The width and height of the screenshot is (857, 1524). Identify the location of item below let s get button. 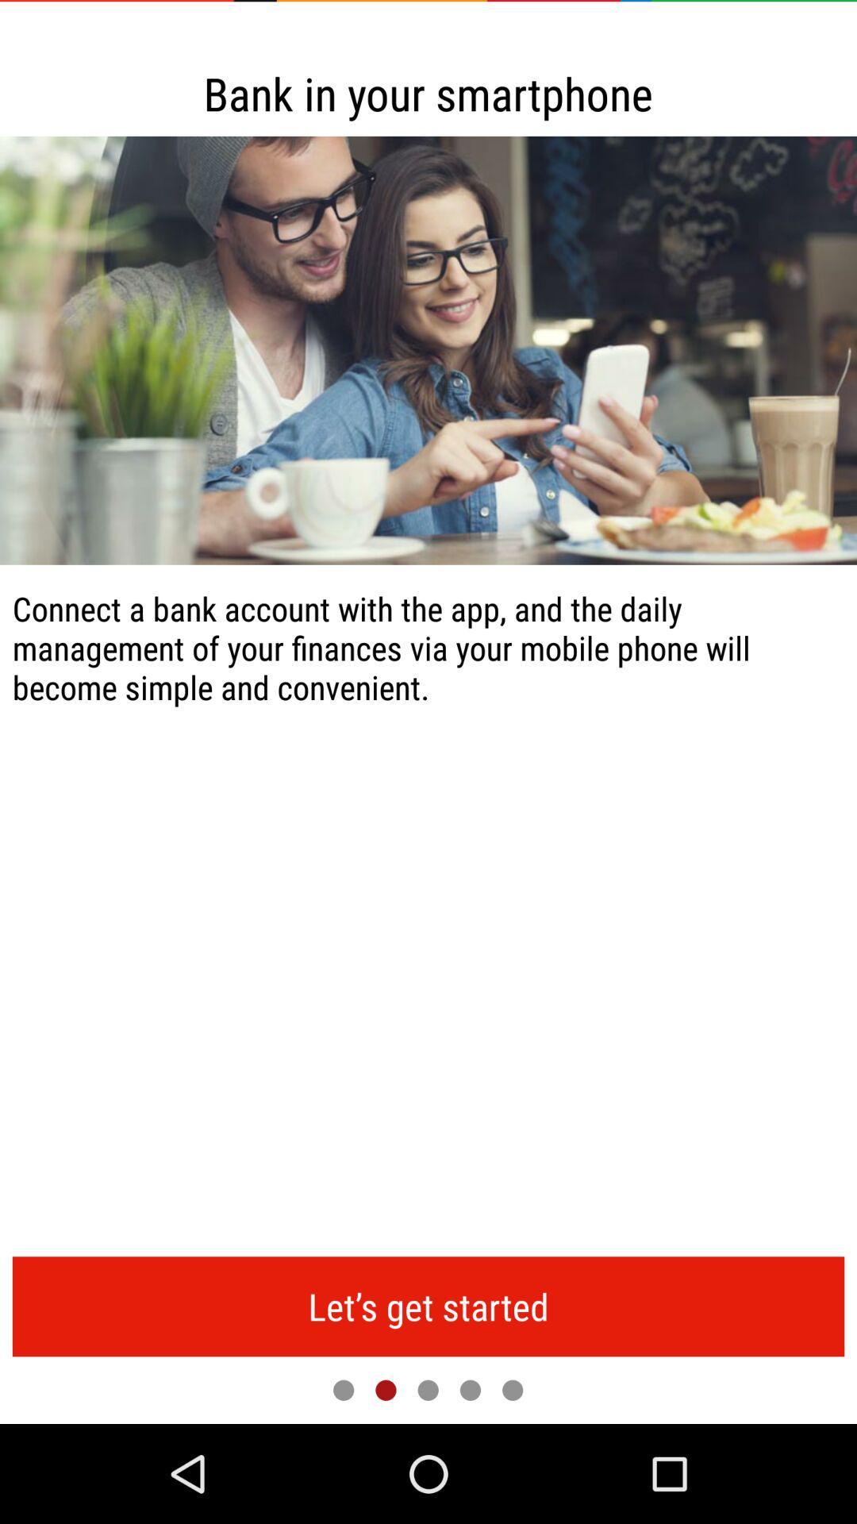
(386, 1389).